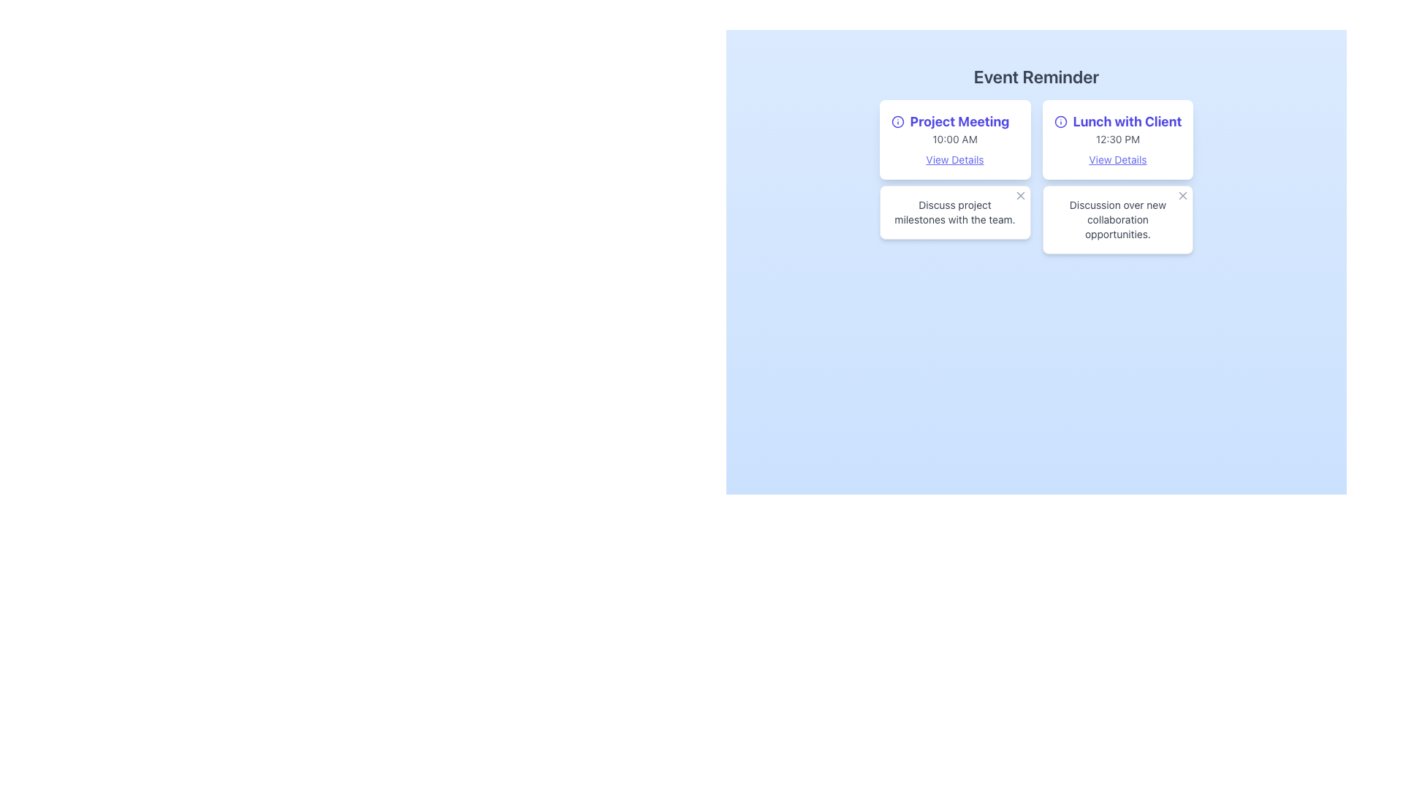  What do you see at coordinates (1183, 194) in the screenshot?
I see `the close button located at the top-right corner of the card in the second row, second column of the reminder interface` at bounding box center [1183, 194].